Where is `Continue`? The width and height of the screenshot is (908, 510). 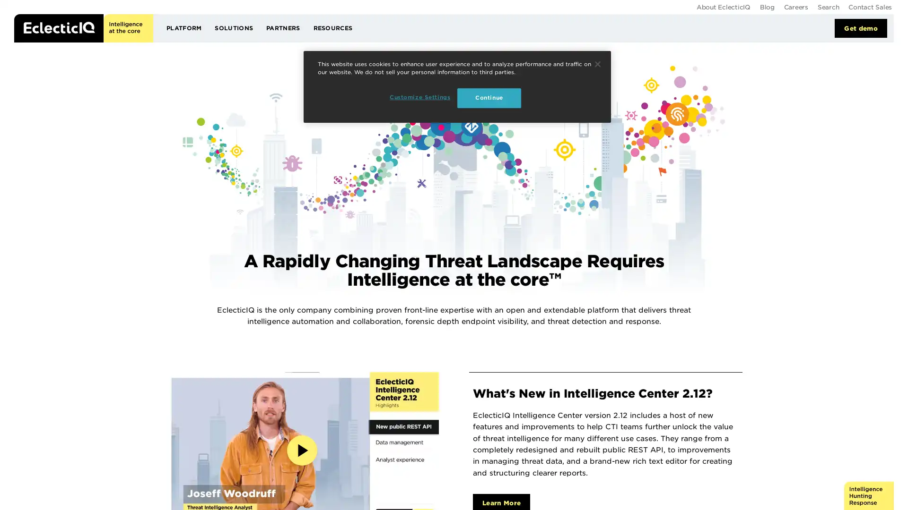
Continue is located at coordinates (489, 98).